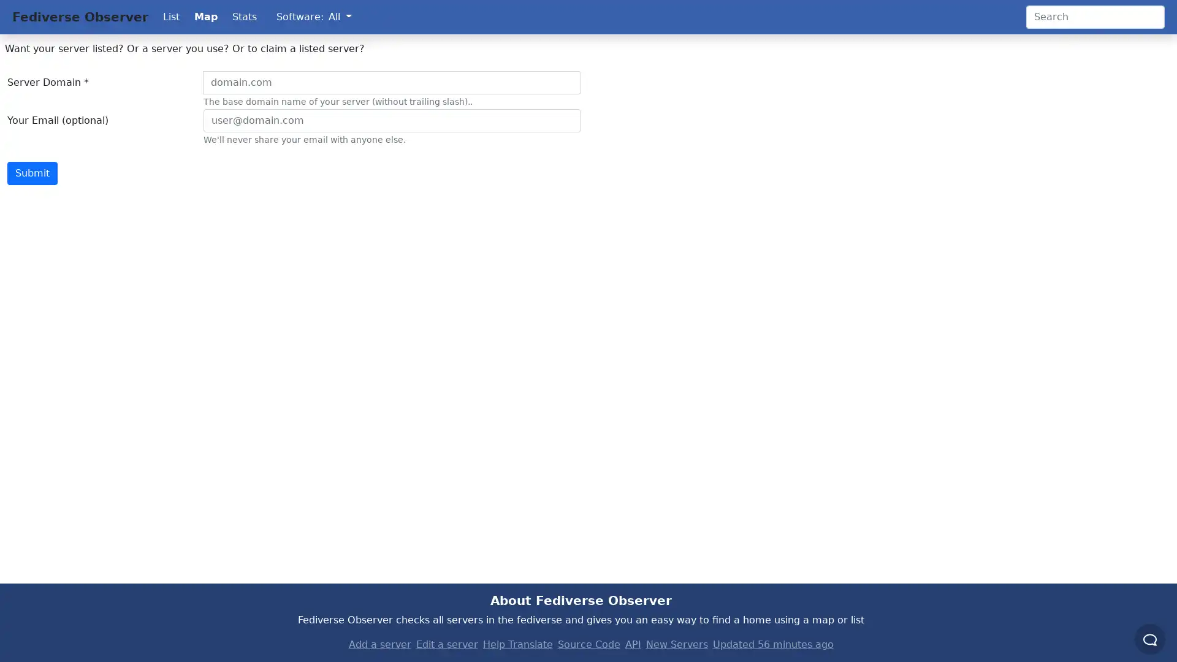  Describe the element at coordinates (340, 17) in the screenshot. I see `All` at that location.